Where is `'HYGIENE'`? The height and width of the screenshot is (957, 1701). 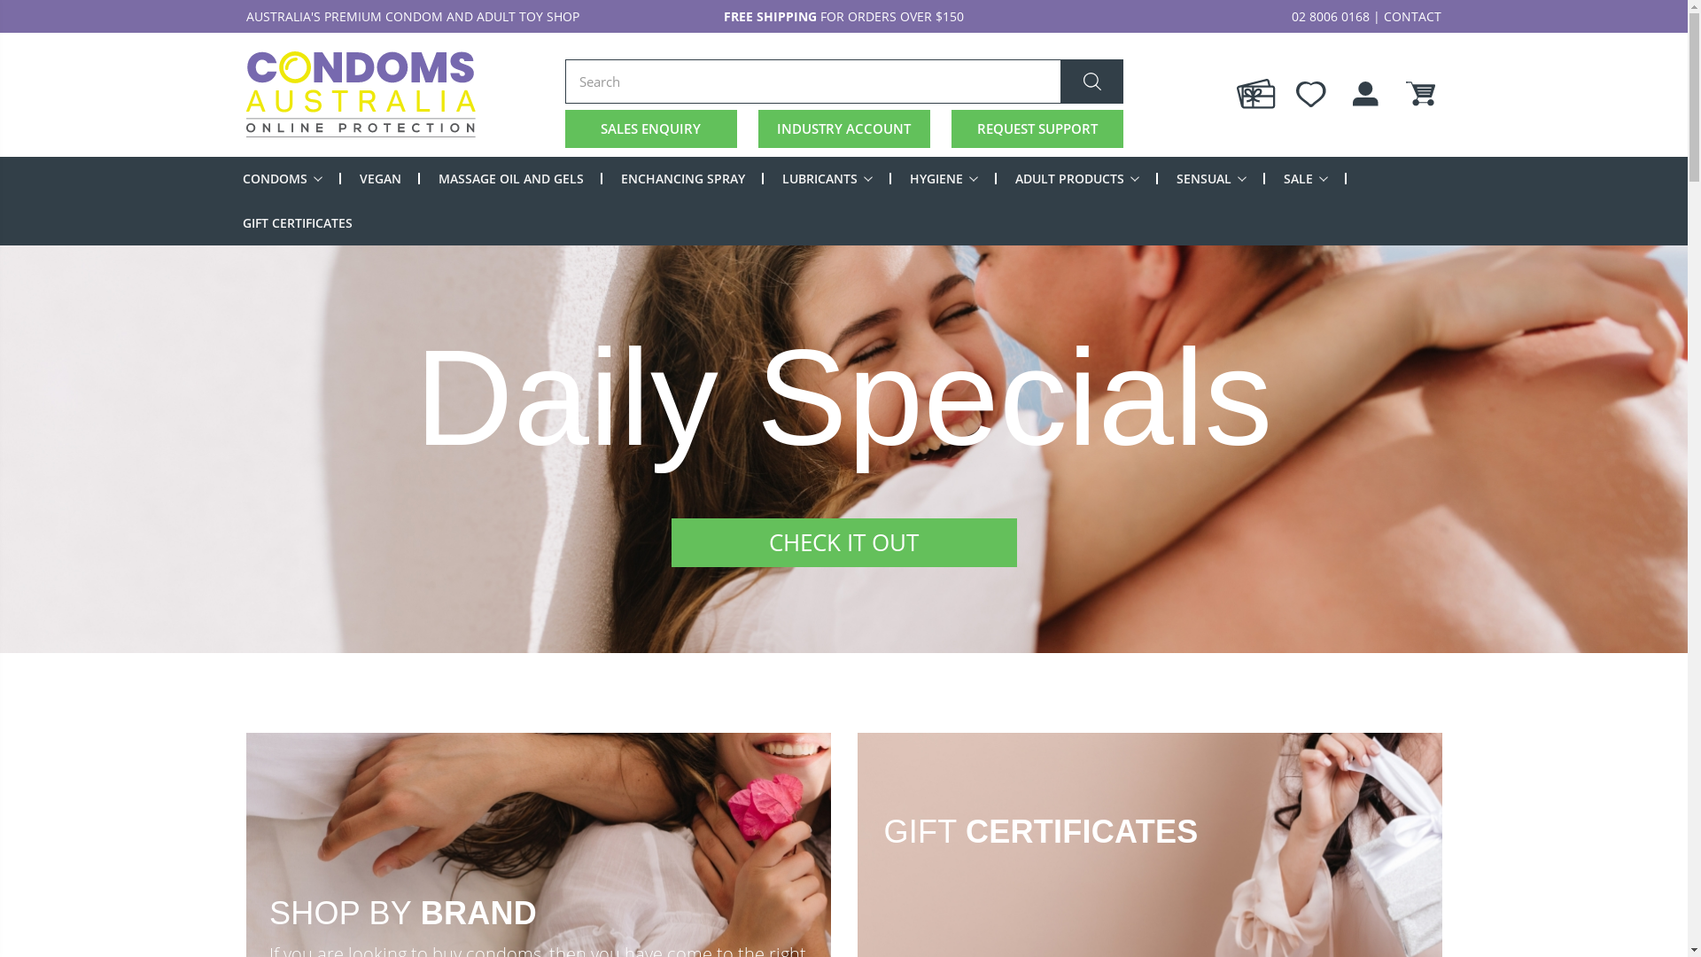 'HYGIENE' is located at coordinates (909, 177).